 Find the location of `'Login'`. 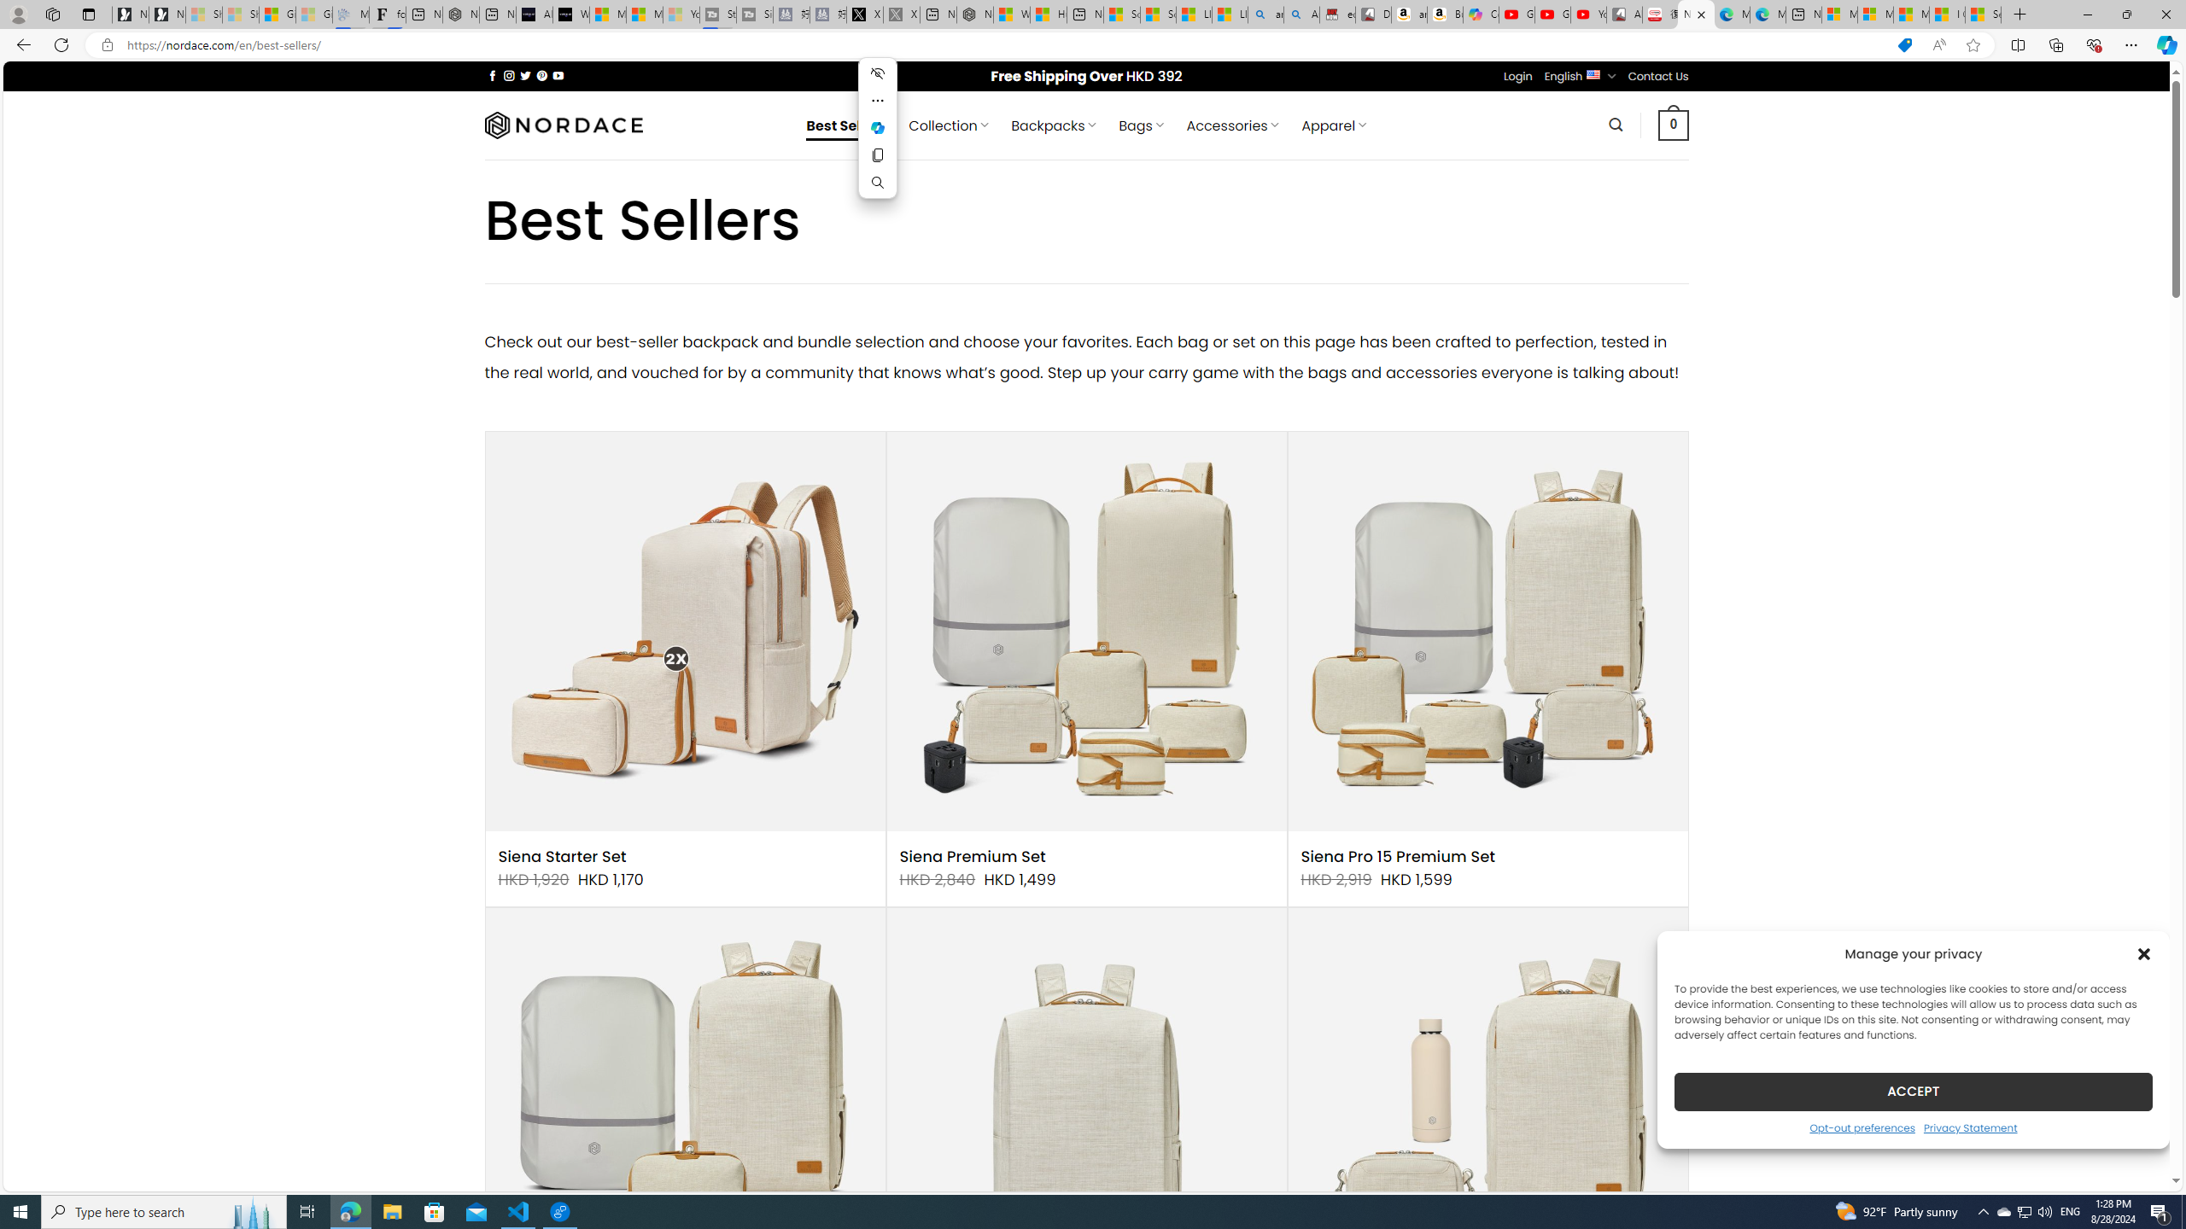

'Login' is located at coordinates (1517, 76).